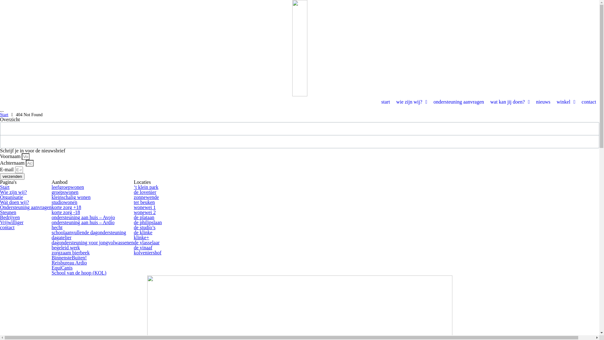  What do you see at coordinates (533, 102) in the screenshot?
I see `'nieuws'` at bounding box center [533, 102].